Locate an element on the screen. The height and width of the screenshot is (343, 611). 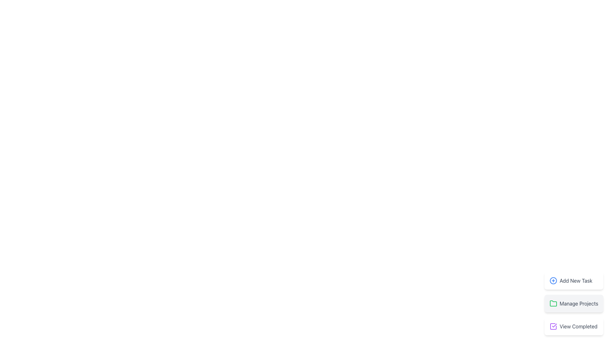
the 'Manage Projects' text label, which is styled in gray and located adjacent to a green folder icon in a horizontal layout is located at coordinates (579, 303).